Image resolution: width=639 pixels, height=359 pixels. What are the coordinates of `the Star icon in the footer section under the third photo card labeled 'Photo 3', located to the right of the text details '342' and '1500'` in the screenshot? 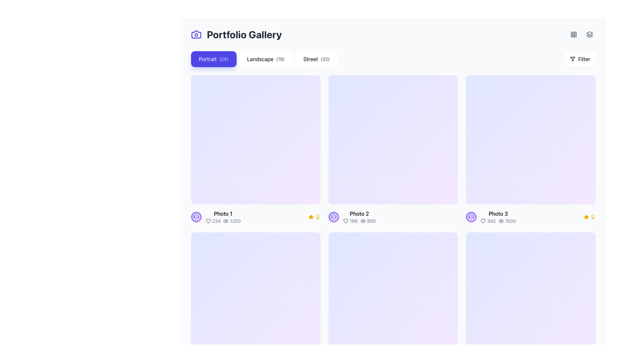 It's located at (586, 217).